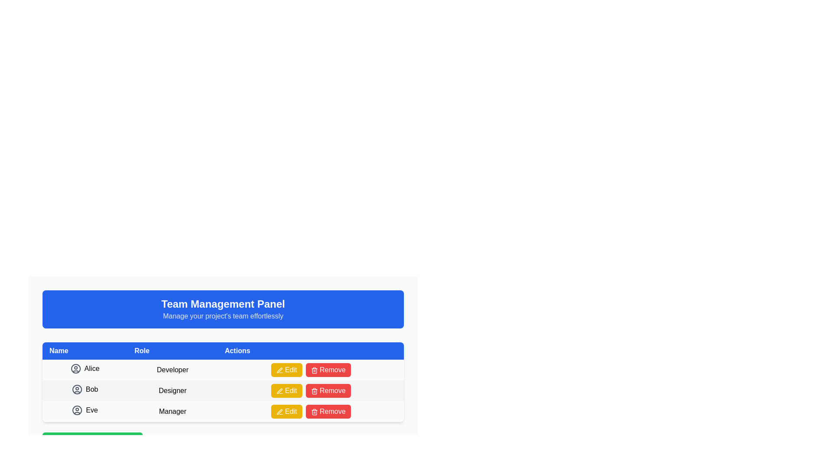  Describe the element at coordinates (279, 391) in the screenshot. I see `the pen icon that signifies editing actions, located to the left of the 'Edit' text in the yellow button within the 'Actions' column of the second row of the table, adjacent to Bob's role as 'Designer'` at that location.